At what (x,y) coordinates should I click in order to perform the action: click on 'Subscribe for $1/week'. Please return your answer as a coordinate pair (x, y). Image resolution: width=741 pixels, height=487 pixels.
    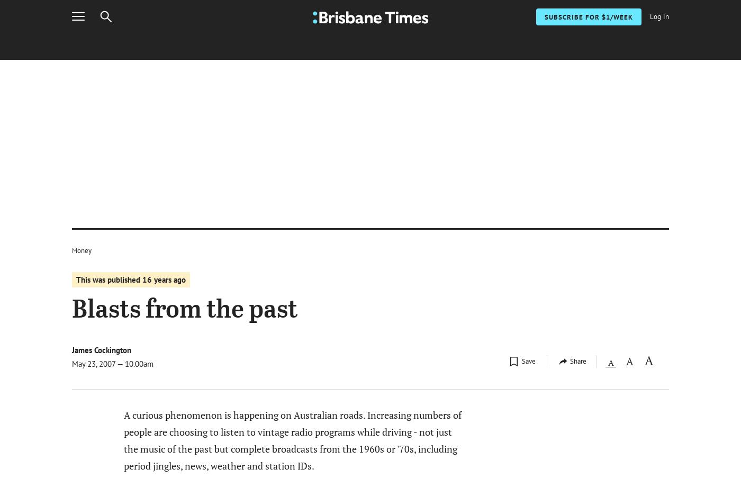
    Looking at the image, I should click on (616, 43).